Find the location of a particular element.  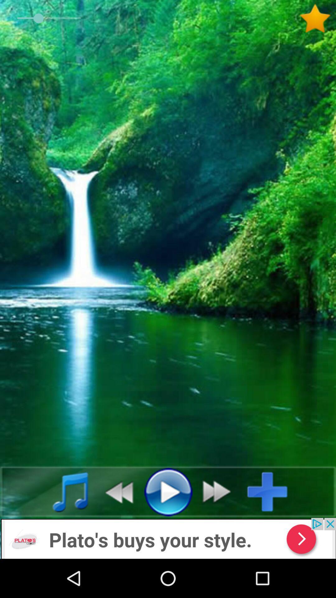

the av_rewind icon is located at coordinates (115, 491).